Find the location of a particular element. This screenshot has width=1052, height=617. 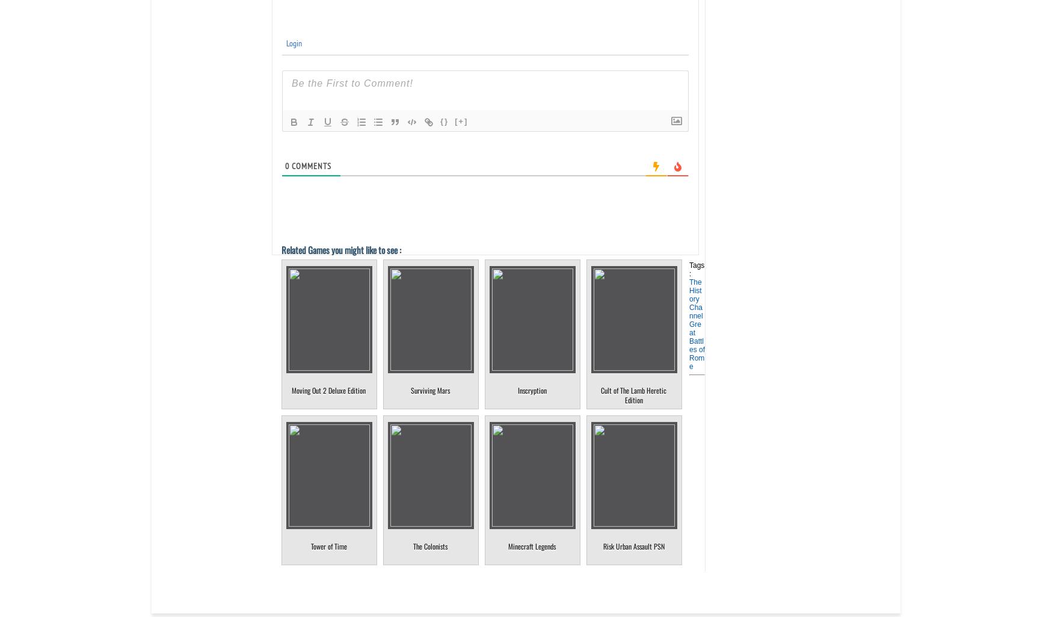

'Related Games you might like to see :' is located at coordinates (340, 250).